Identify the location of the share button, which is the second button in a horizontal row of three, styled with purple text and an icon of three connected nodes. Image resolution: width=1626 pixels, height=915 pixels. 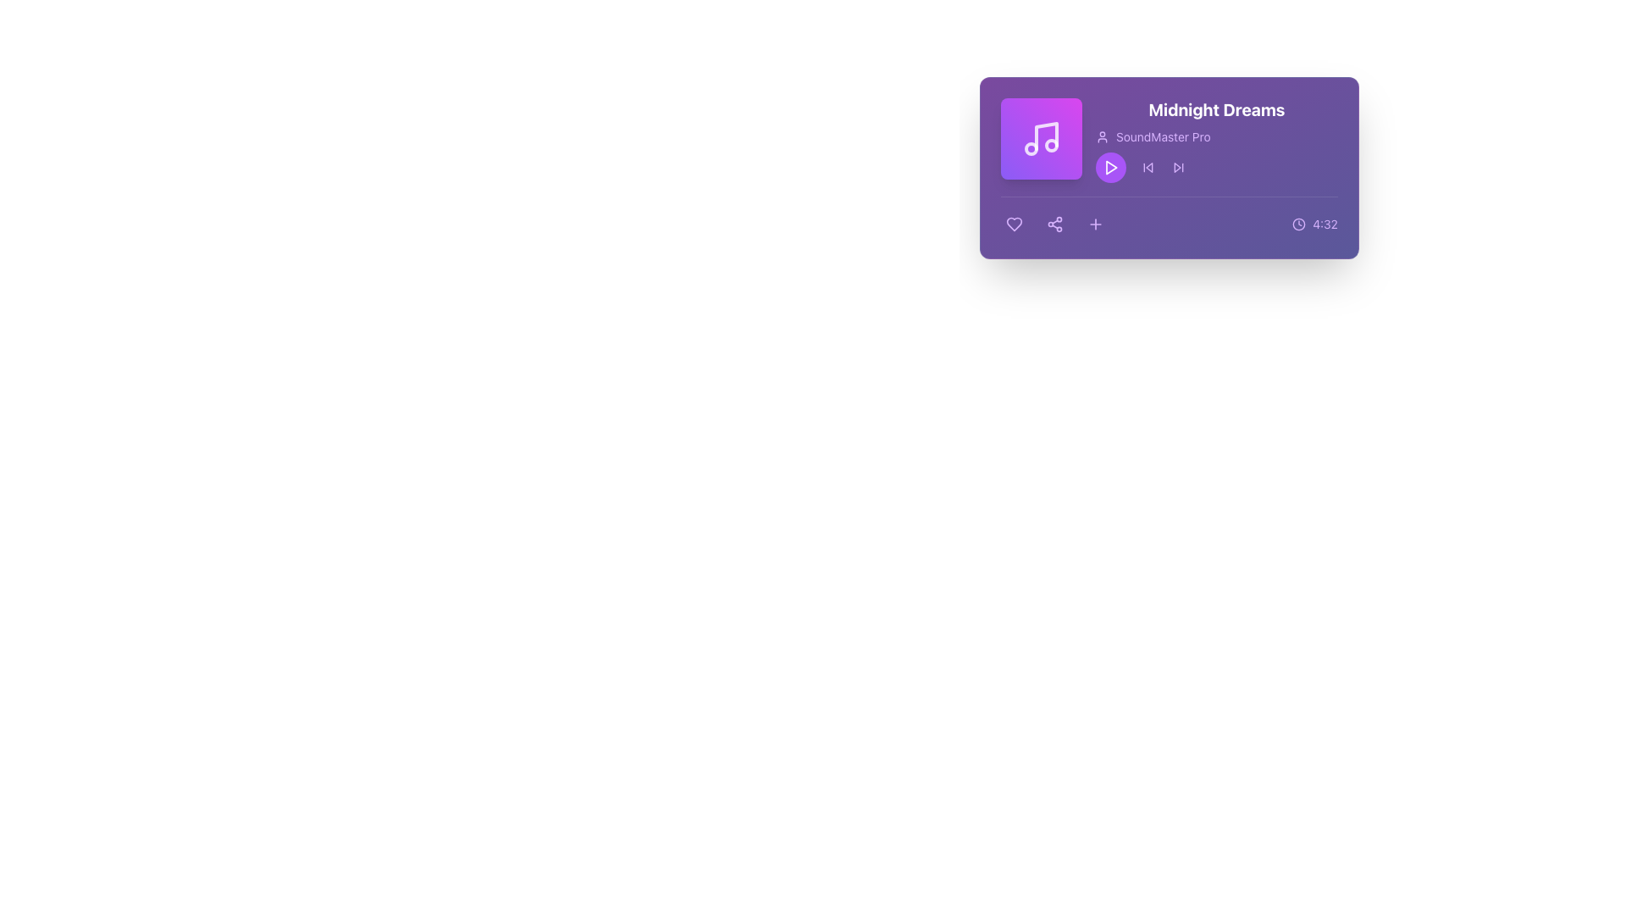
(1054, 224).